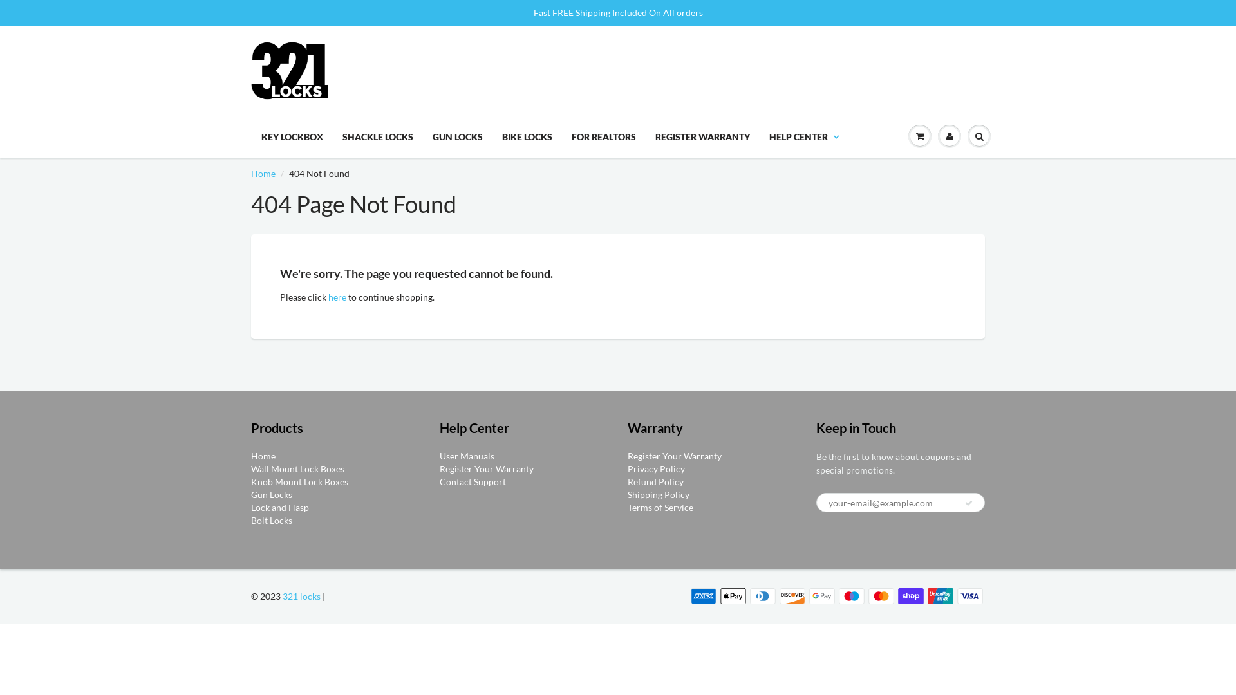  What do you see at coordinates (803, 136) in the screenshot?
I see `'HELP CENTER'` at bounding box center [803, 136].